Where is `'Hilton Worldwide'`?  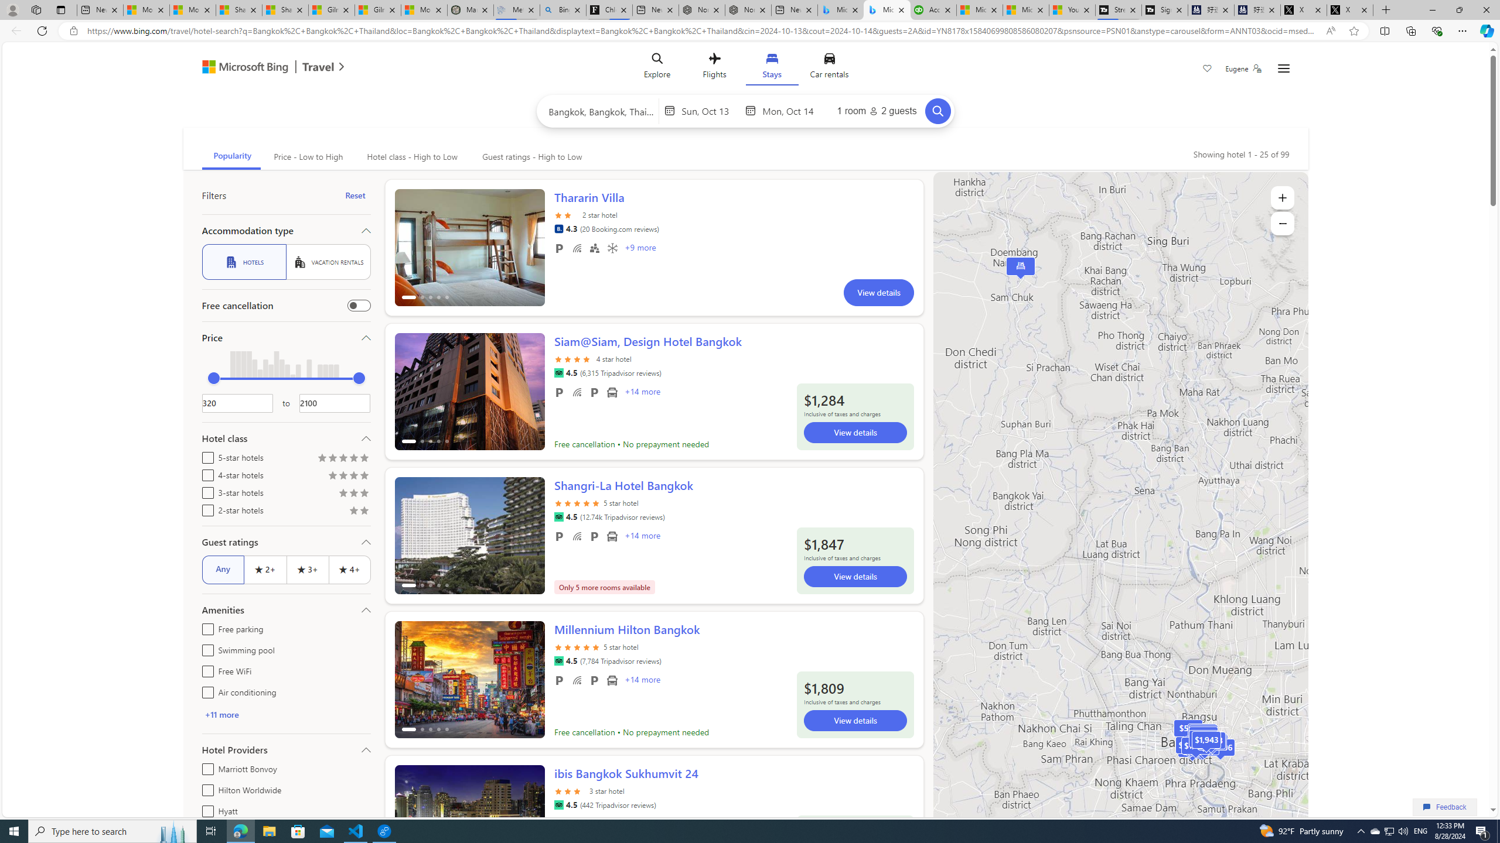 'Hilton Worldwide' is located at coordinates (205, 789).